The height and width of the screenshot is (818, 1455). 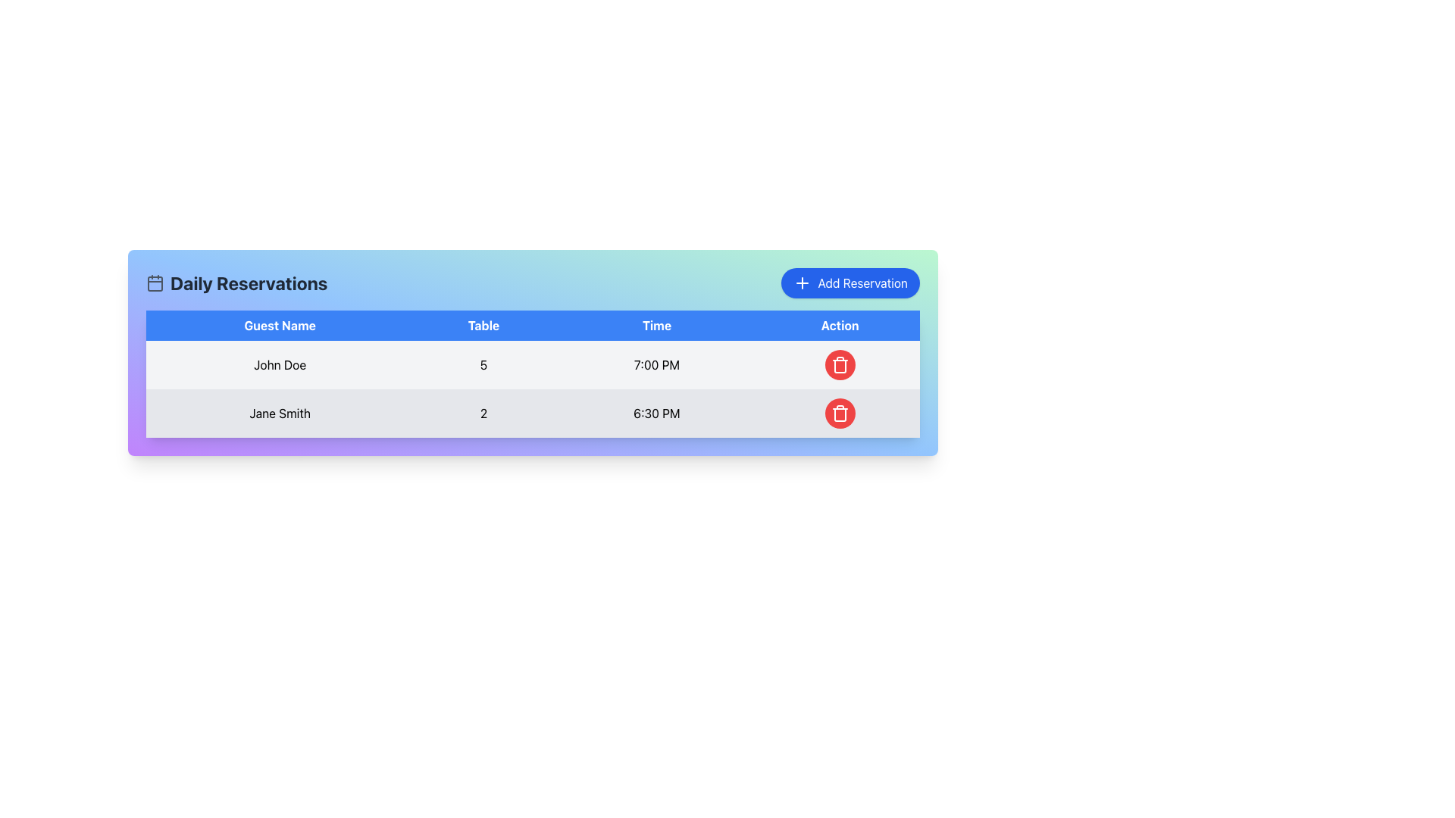 What do you see at coordinates (155, 283) in the screenshot?
I see `the decorative shape of the calendar icon, which enhances its visual appeal and is located to the left of the 'Daily Reservations' heading` at bounding box center [155, 283].